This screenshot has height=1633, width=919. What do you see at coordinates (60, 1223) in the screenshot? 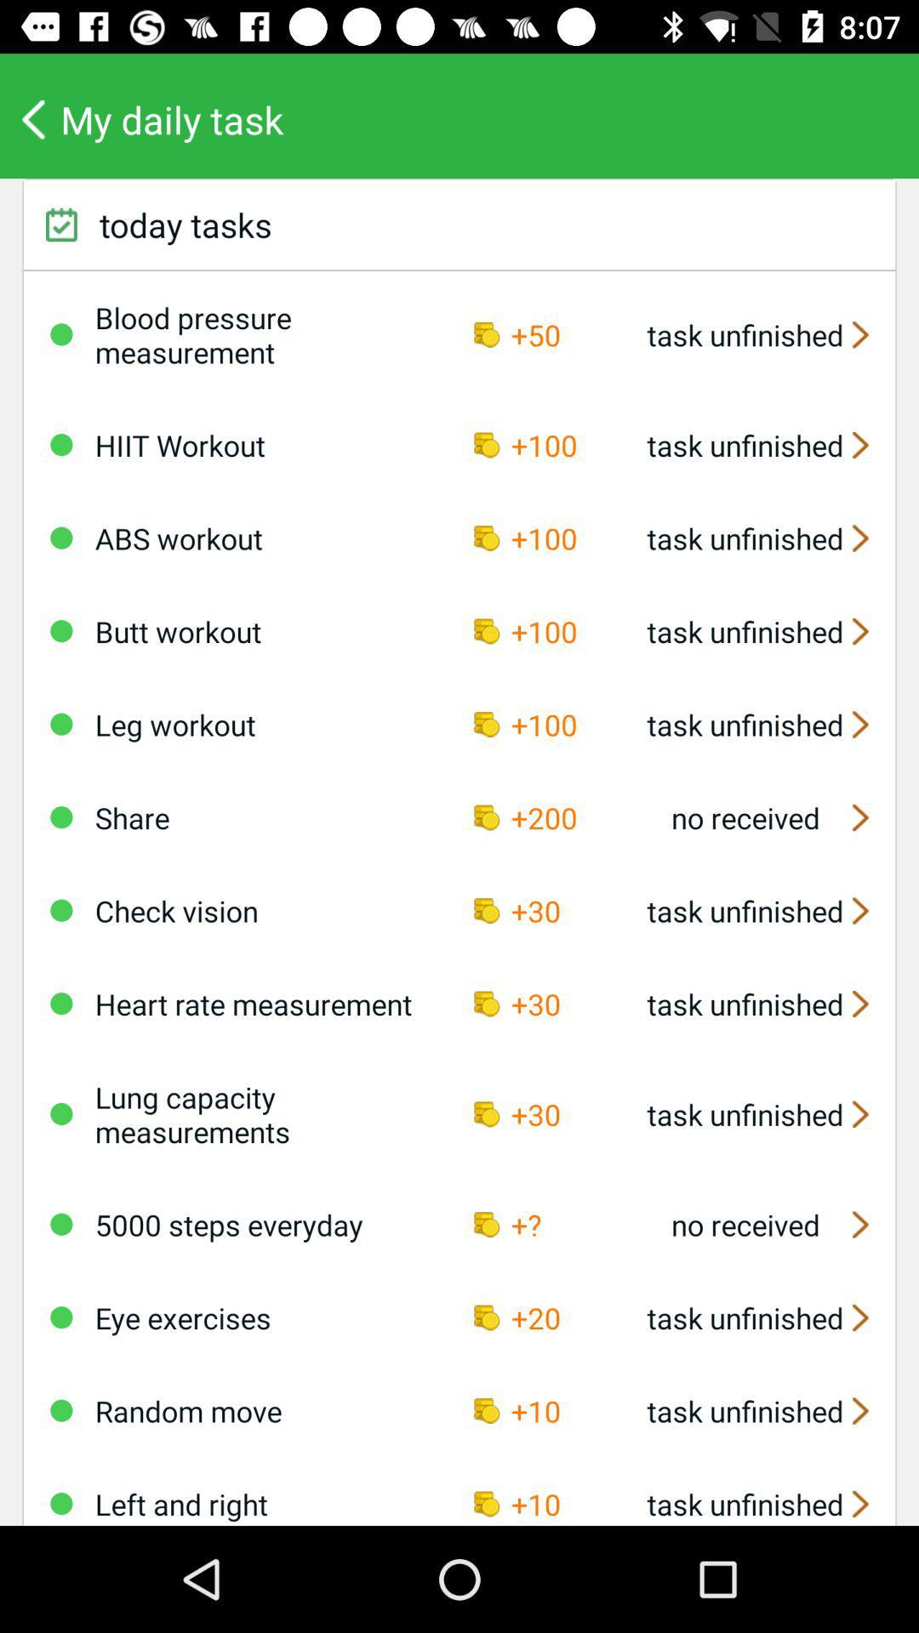
I see `open the page` at bounding box center [60, 1223].